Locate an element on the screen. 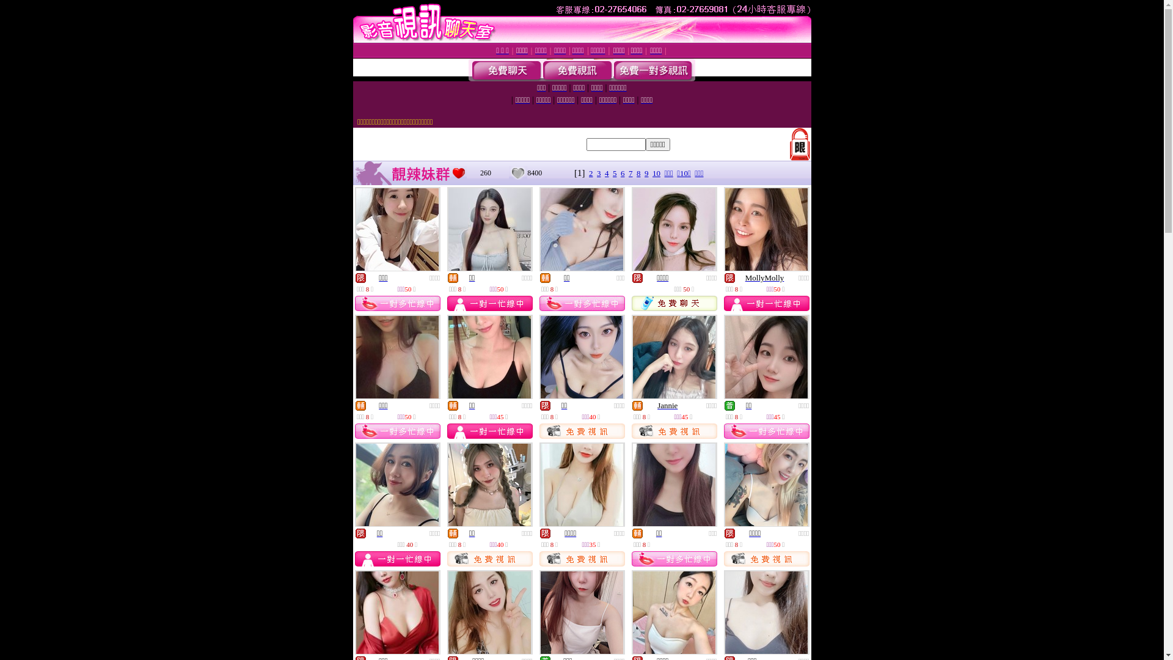 The height and width of the screenshot is (660, 1173). '10' is located at coordinates (656, 173).